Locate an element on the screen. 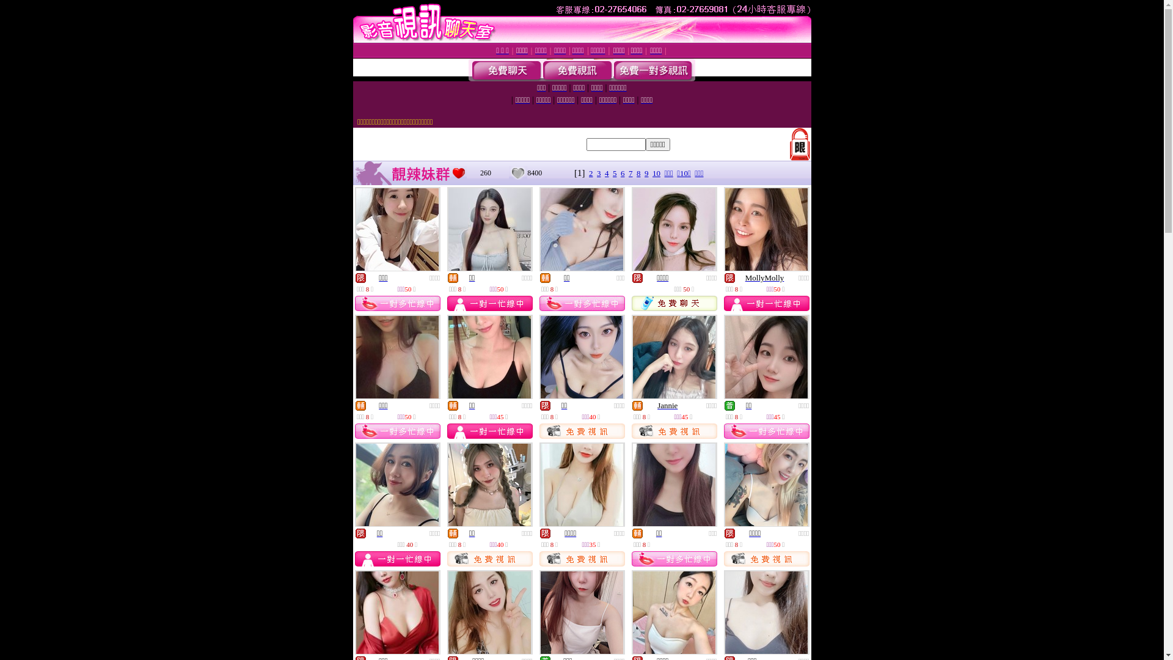 The height and width of the screenshot is (660, 1173). '10' is located at coordinates (656, 173).